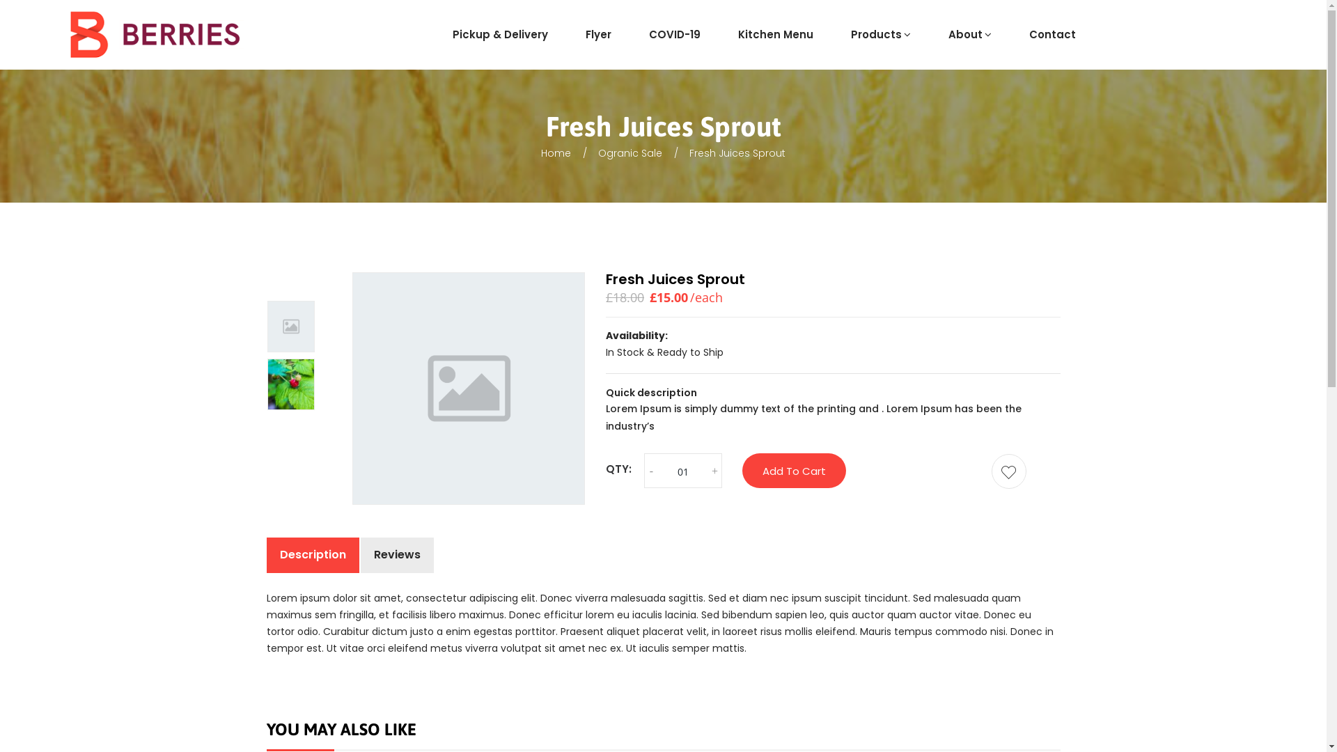 This screenshot has width=1337, height=752. I want to click on 'Add To Cart', so click(794, 470).